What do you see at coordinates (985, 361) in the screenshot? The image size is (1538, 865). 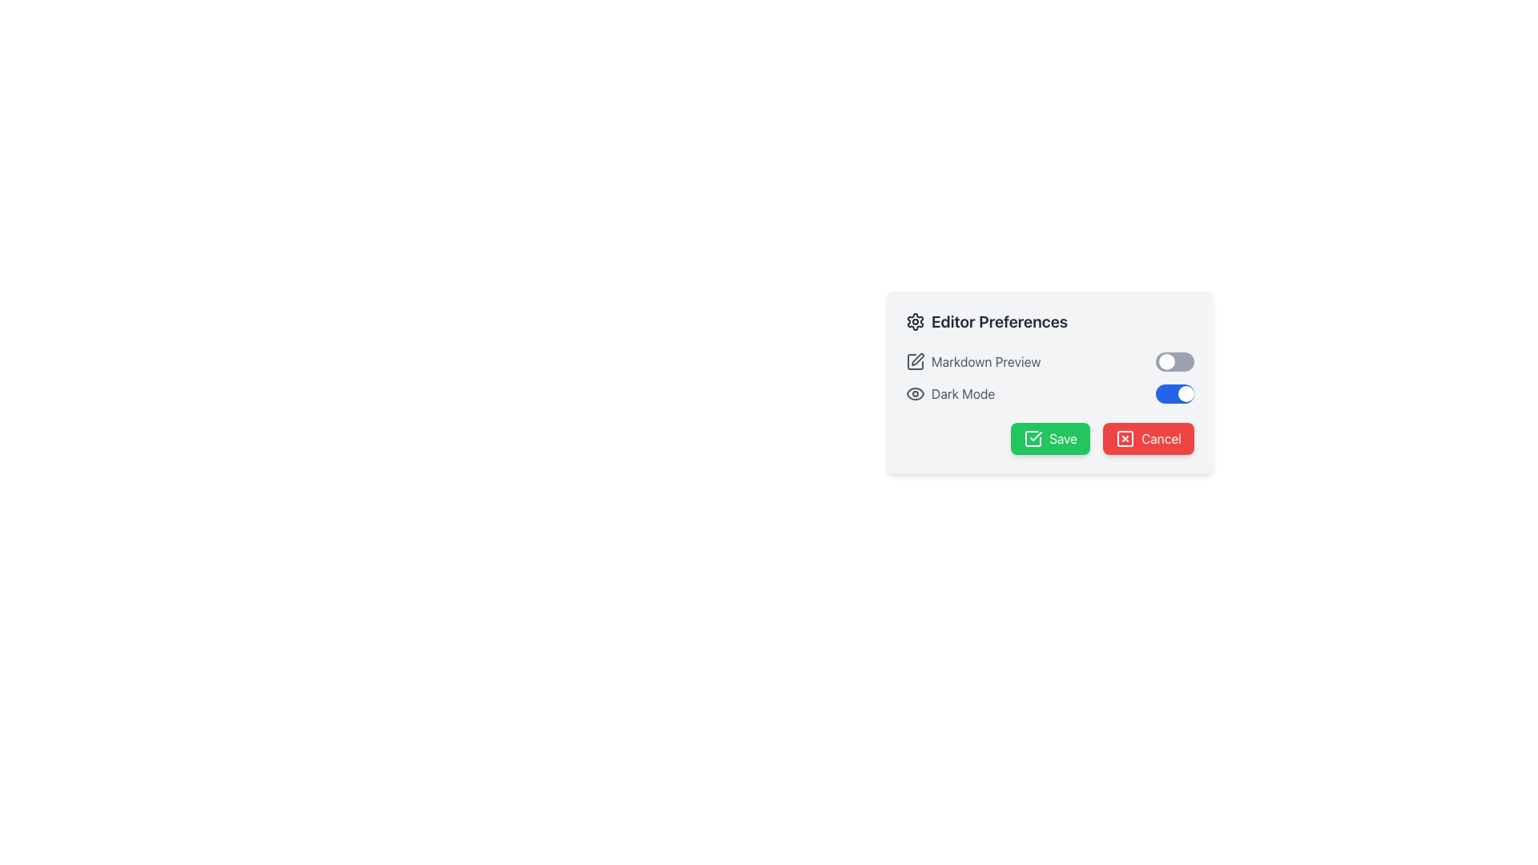 I see `the static text element displaying 'Markdown Preview' styled in gray, positioned to the right of the pencil and square icon in the 'Editor Preferences' modal` at bounding box center [985, 361].